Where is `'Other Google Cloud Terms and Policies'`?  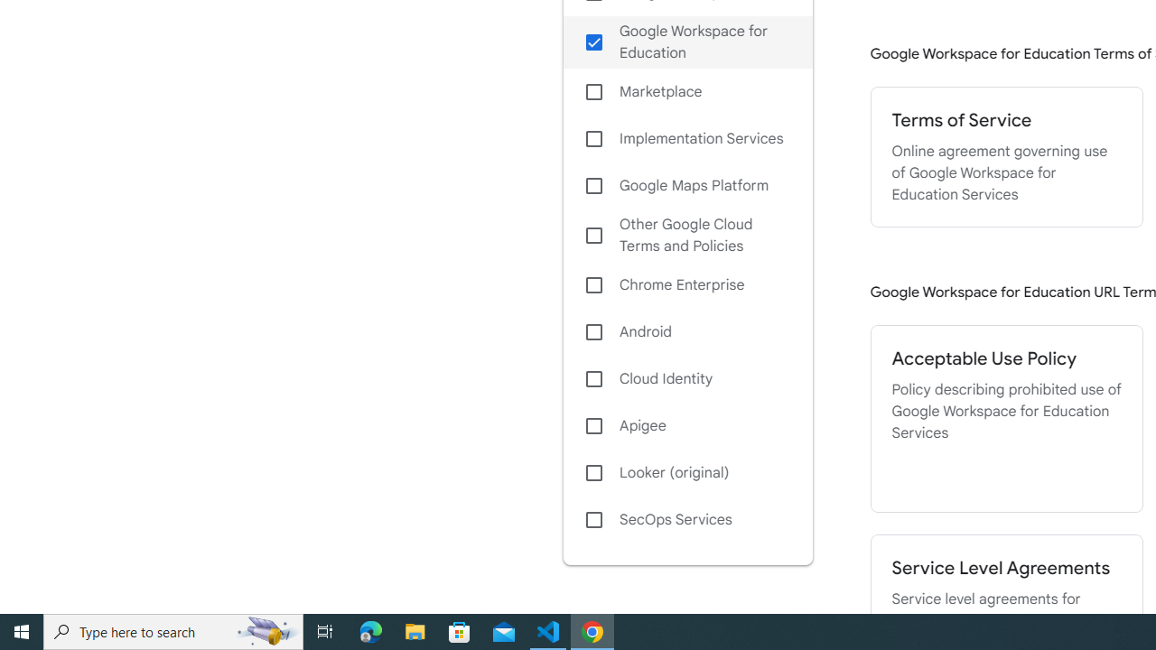 'Other Google Cloud Terms and Policies' is located at coordinates (686, 235).